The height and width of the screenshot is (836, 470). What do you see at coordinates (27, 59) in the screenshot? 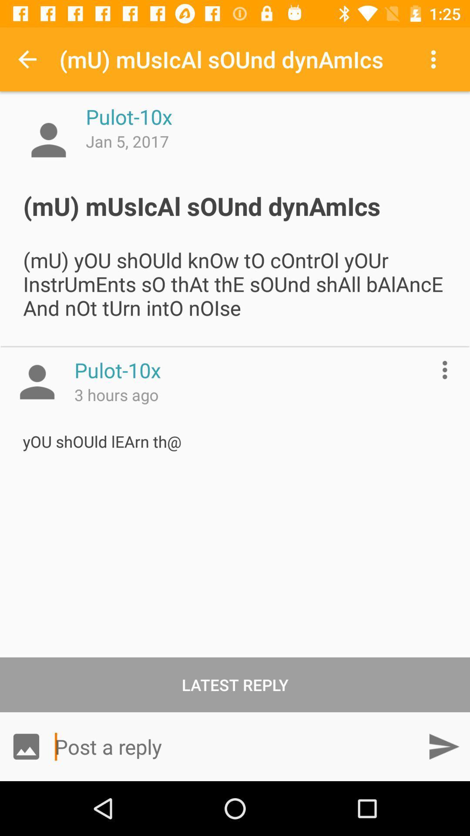
I see `app next to mu musical sound item` at bounding box center [27, 59].